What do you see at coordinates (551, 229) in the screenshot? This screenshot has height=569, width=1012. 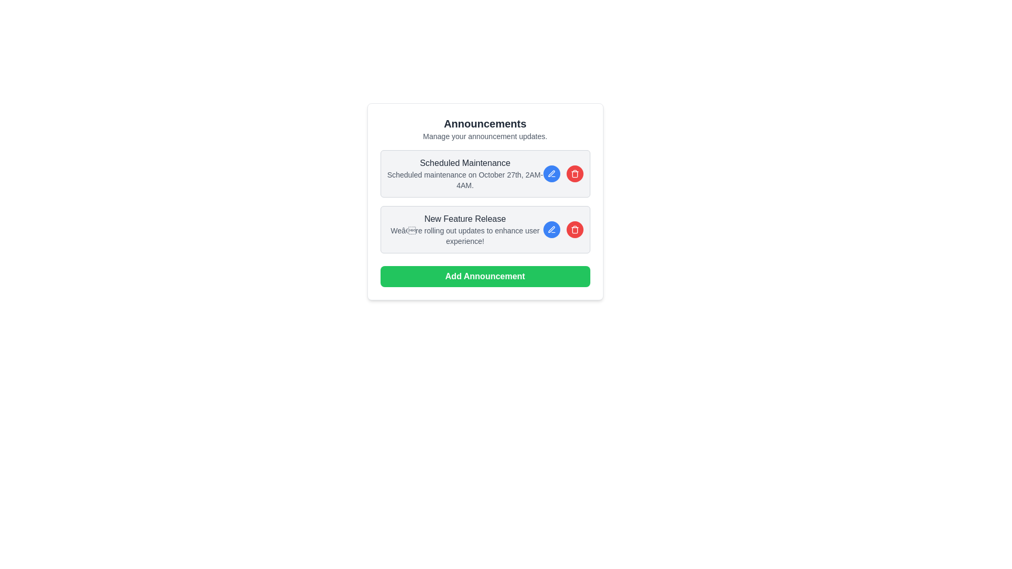 I see `the editing icon resembling a pen within a circle, located on the right side of the first announcement card next to the 'Scheduled Maintenance' text` at bounding box center [551, 229].